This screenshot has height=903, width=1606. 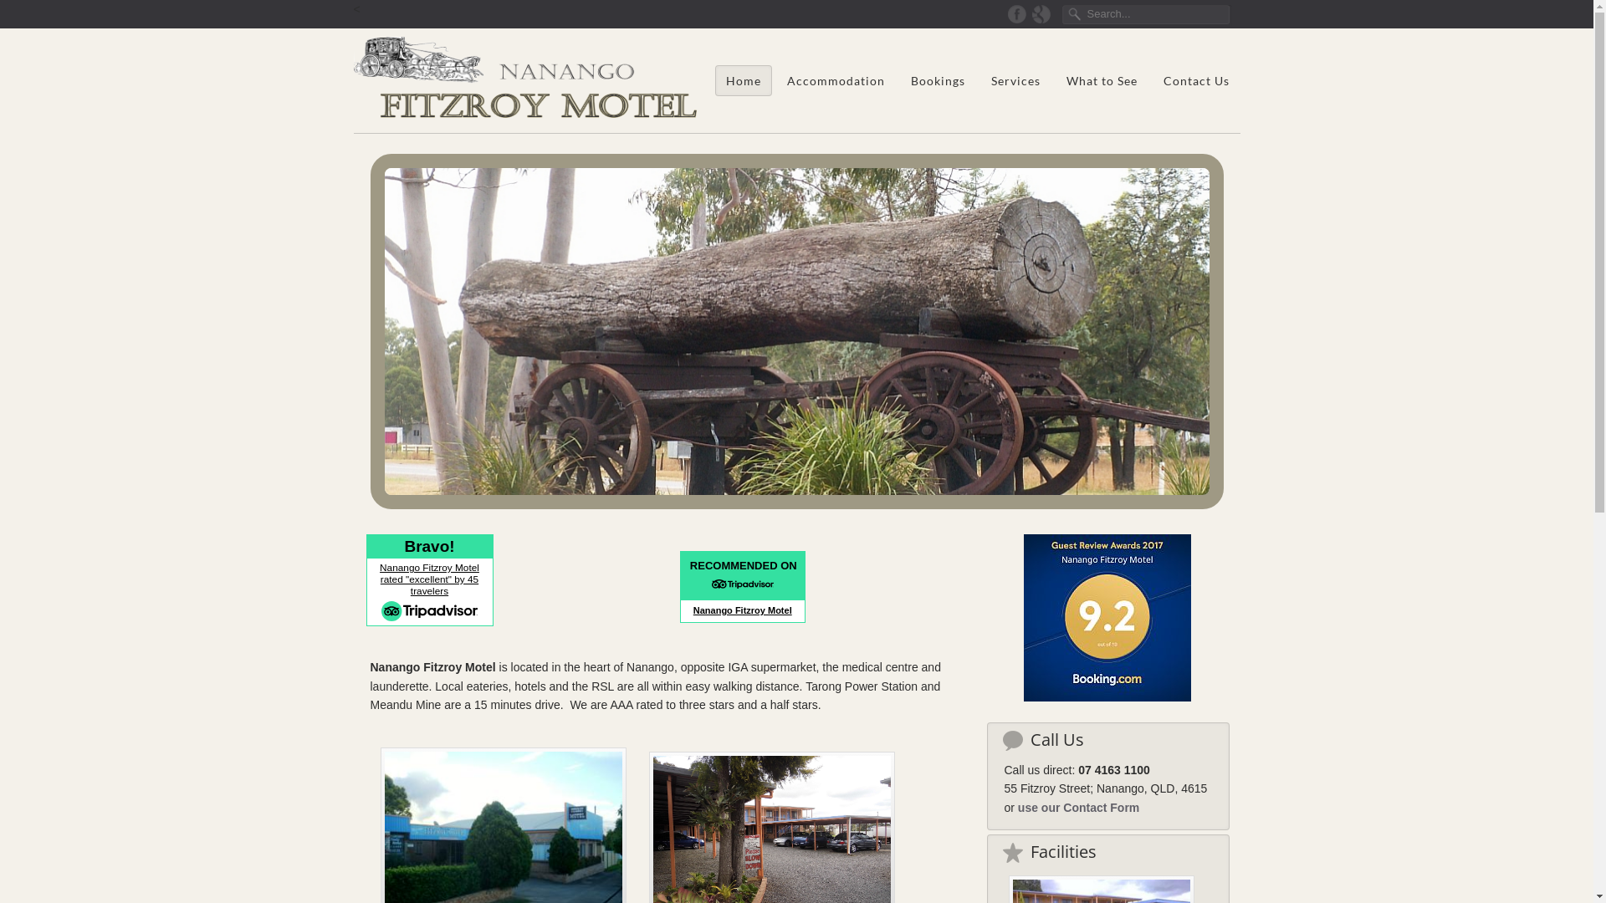 I want to click on 'Facebook', so click(x=1015, y=13).